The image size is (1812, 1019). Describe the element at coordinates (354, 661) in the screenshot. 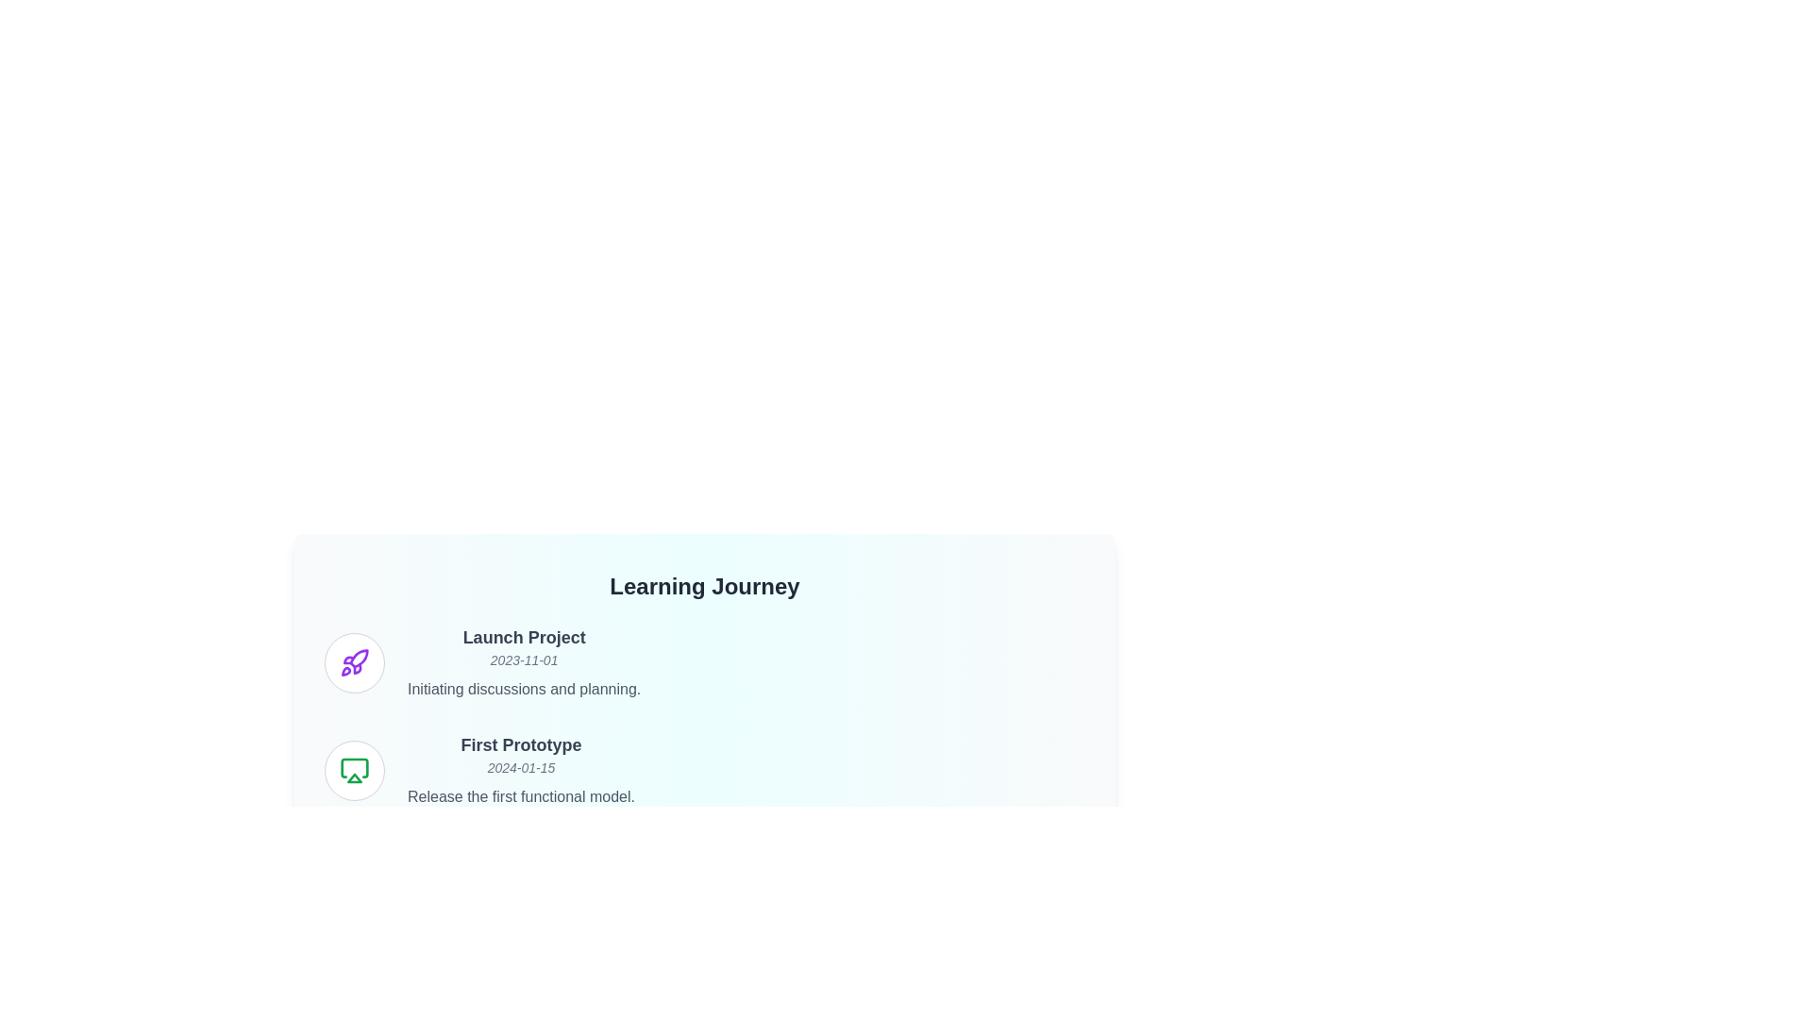

I see `the purple rocket icon with line drawings, located in the 'Learning Journey' section before the 'Launch Project' title` at that location.